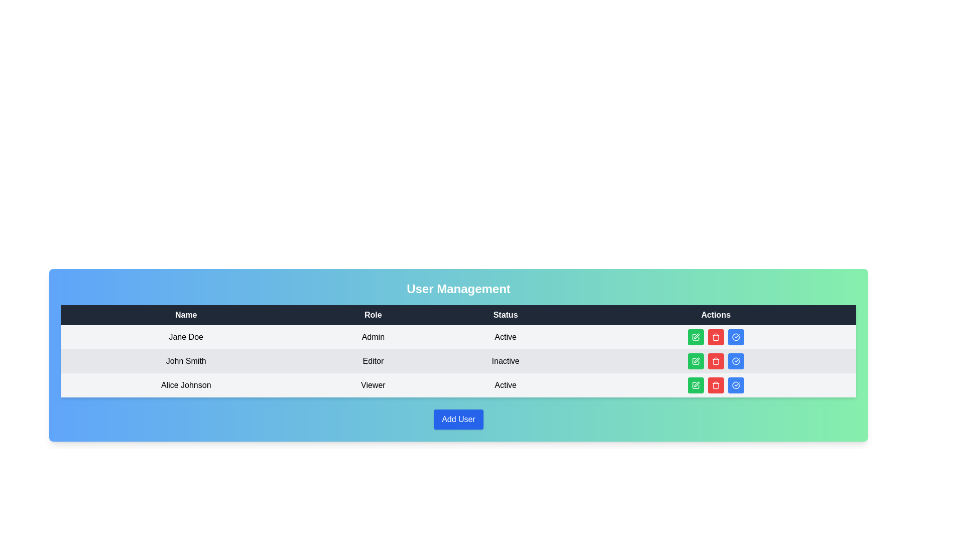 The height and width of the screenshot is (542, 964). What do you see at coordinates (715, 338) in the screenshot?
I see `the vertical trash can icon in the 'Actions' column of the third row for user 'Alice Johnson'` at bounding box center [715, 338].